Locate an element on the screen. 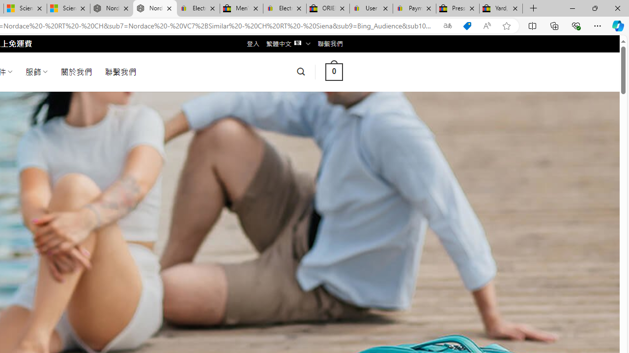  'Electronics, Cars, Fashion, Collectibles & More | eBay' is located at coordinates (284, 8).